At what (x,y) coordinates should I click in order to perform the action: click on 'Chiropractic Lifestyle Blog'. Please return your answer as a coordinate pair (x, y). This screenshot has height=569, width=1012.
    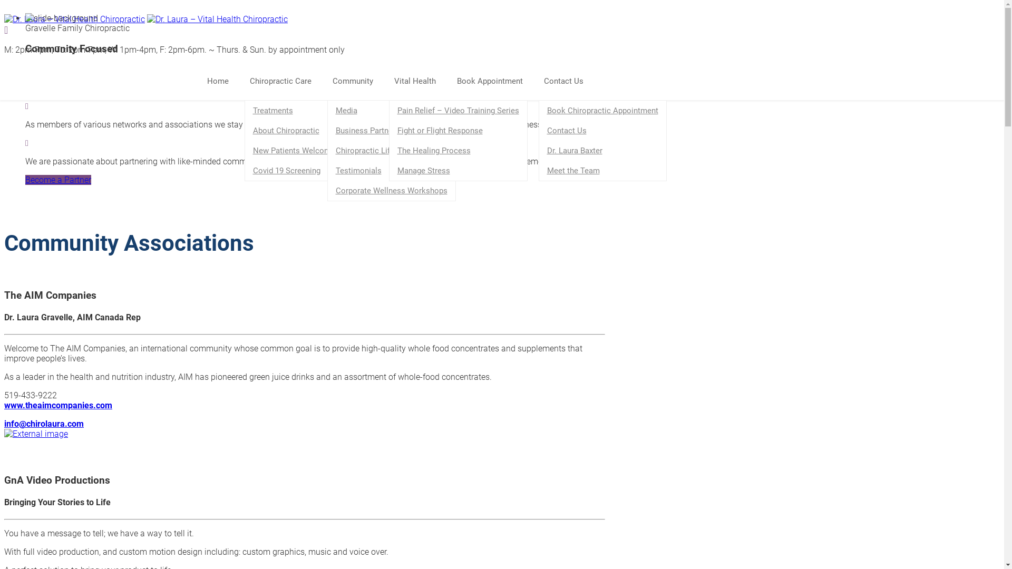
    Looking at the image, I should click on (327, 150).